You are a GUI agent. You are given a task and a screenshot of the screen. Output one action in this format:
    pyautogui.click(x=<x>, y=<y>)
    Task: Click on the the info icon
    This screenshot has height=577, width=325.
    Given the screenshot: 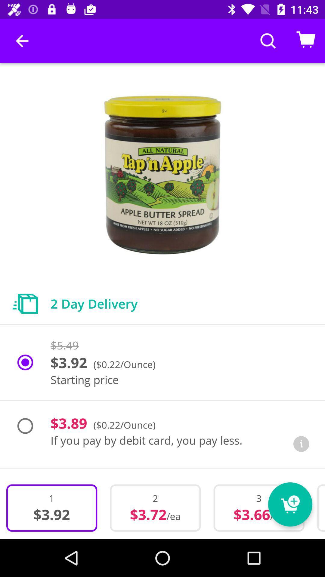 What is the action you would take?
    pyautogui.click(x=301, y=444)
    